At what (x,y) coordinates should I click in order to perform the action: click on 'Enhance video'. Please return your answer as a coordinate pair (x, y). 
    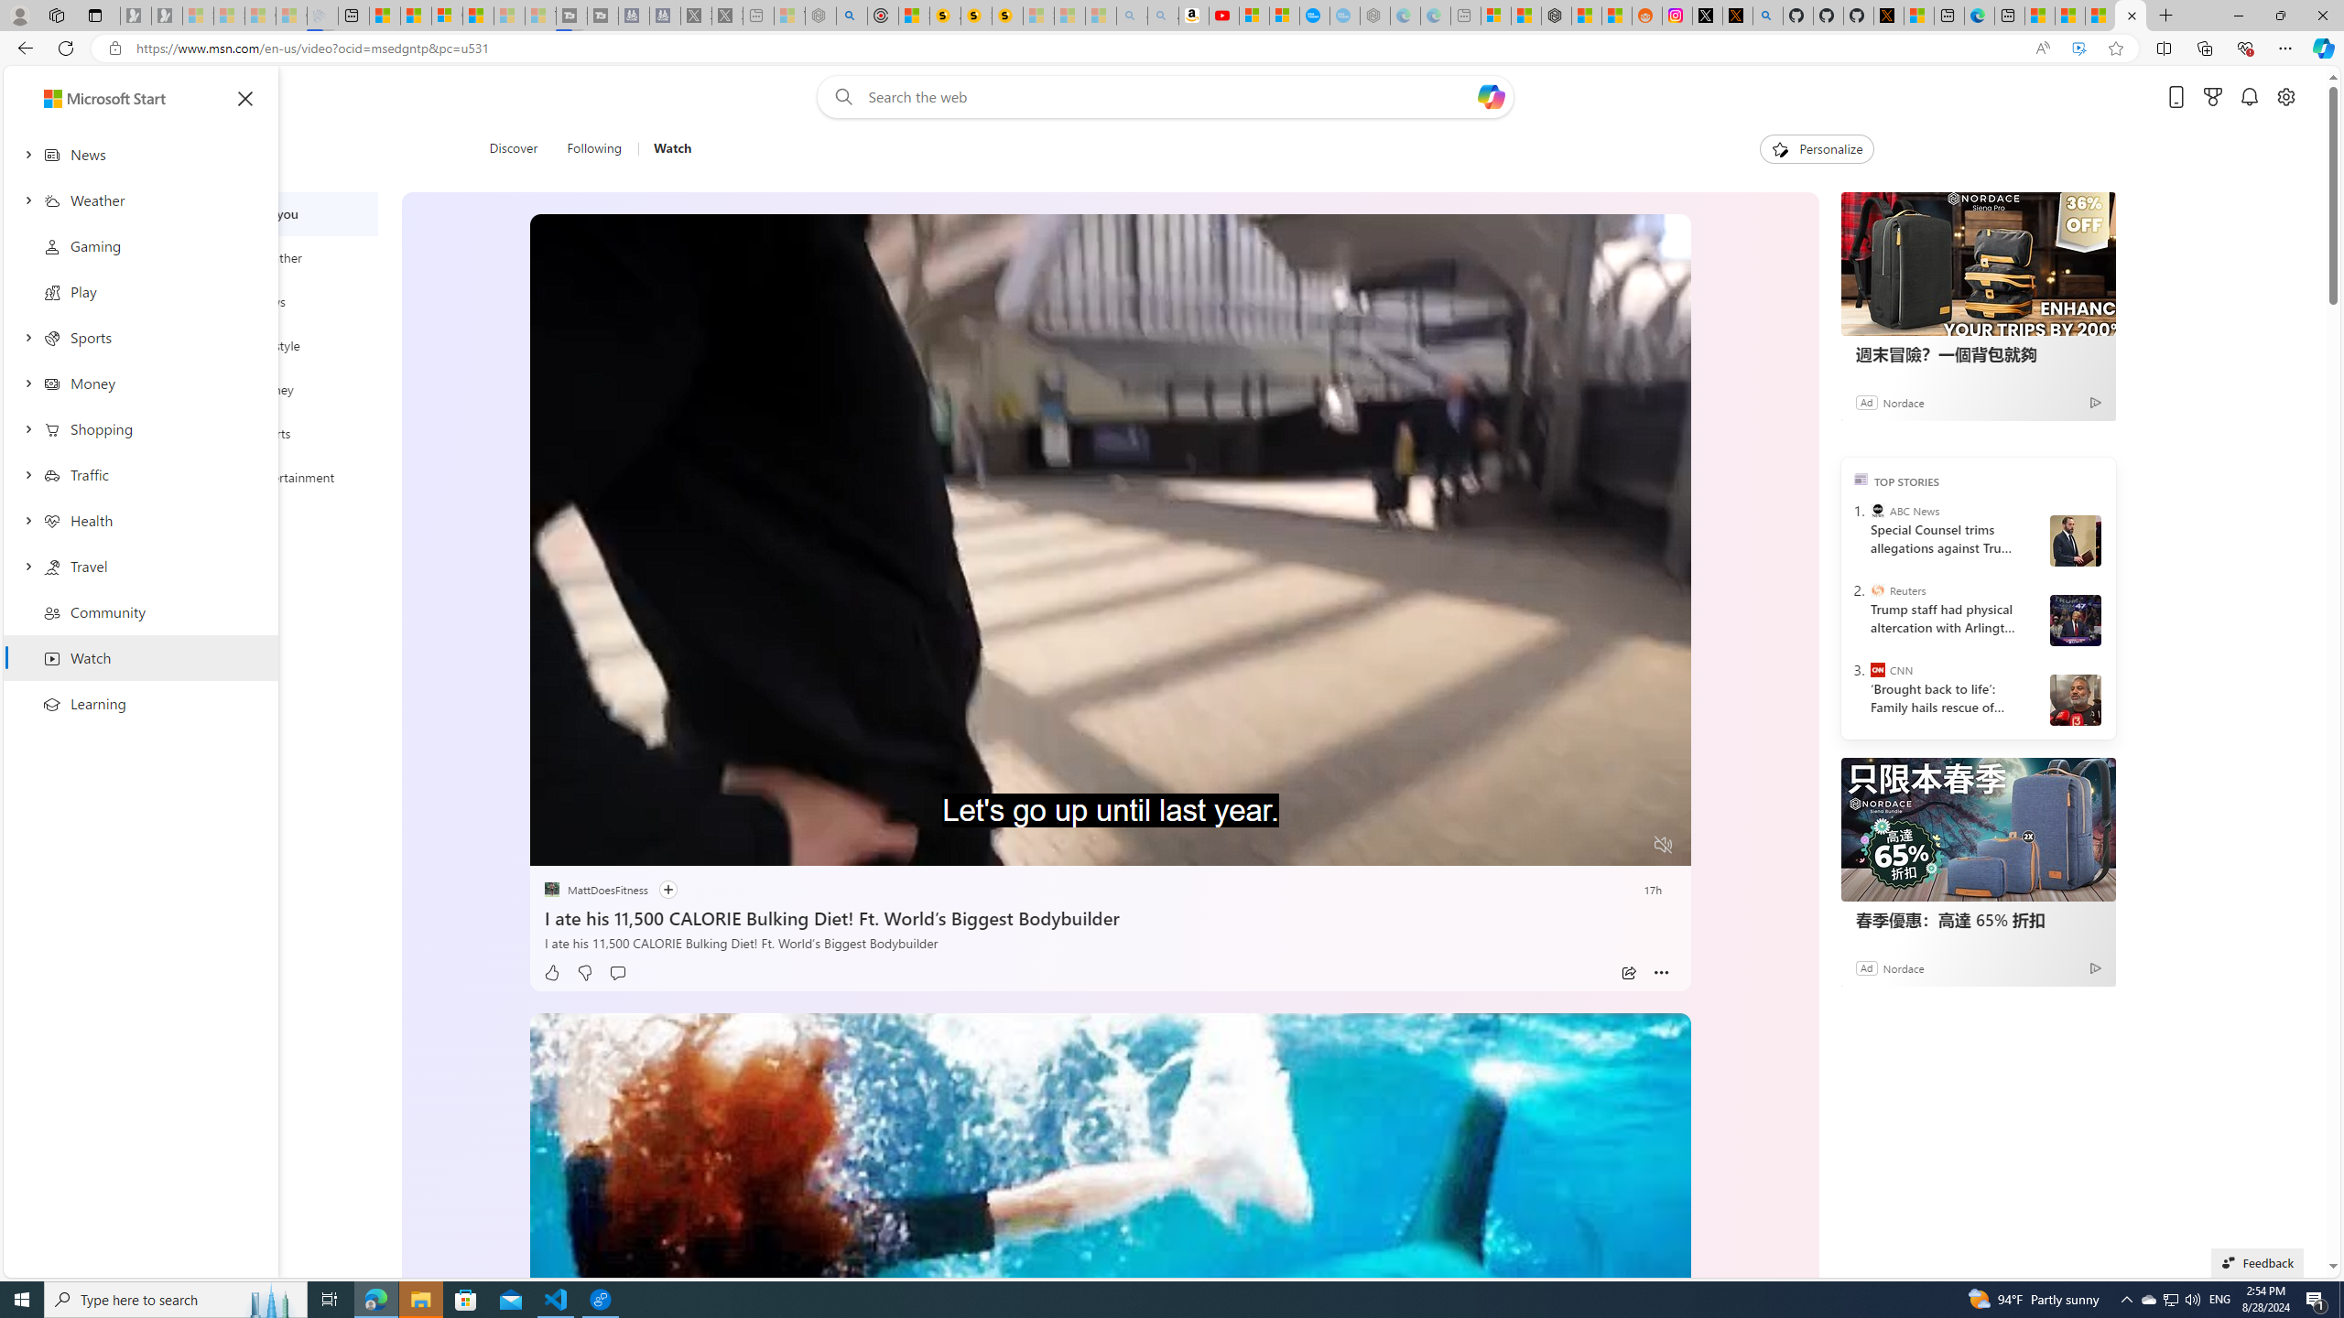
    Looking at the image, I should click on (2078, 49).